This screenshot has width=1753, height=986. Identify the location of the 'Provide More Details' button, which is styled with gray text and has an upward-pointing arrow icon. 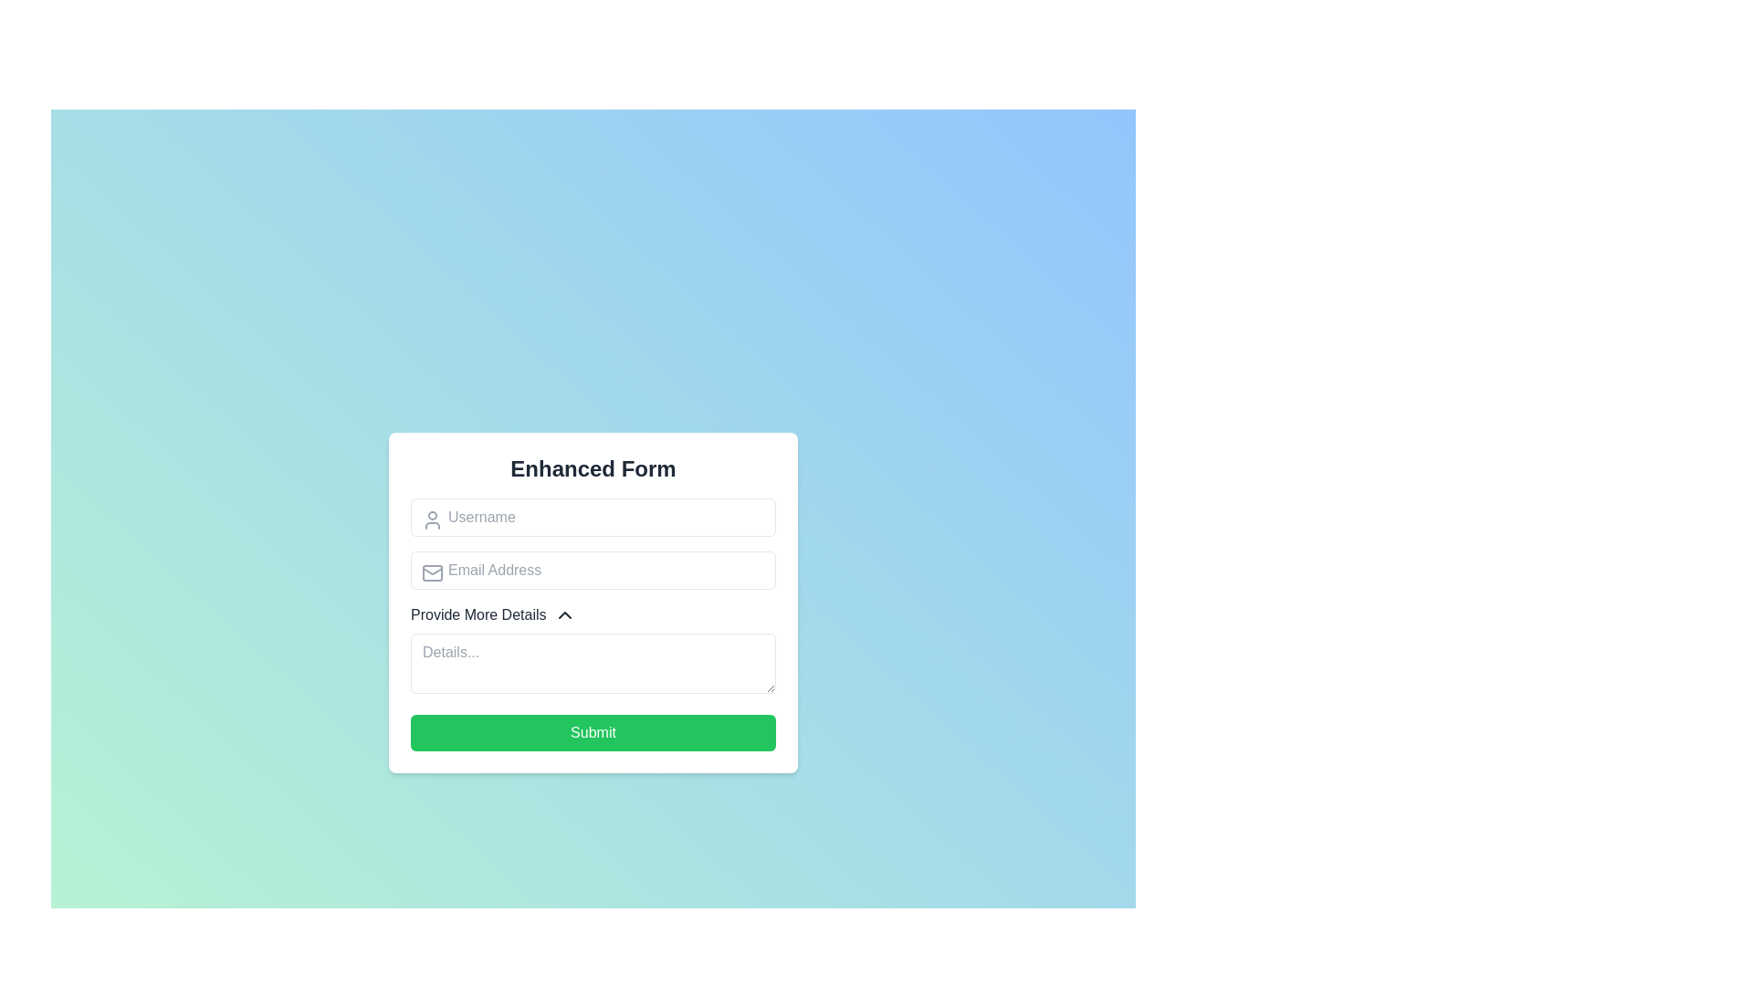
(493, 614).